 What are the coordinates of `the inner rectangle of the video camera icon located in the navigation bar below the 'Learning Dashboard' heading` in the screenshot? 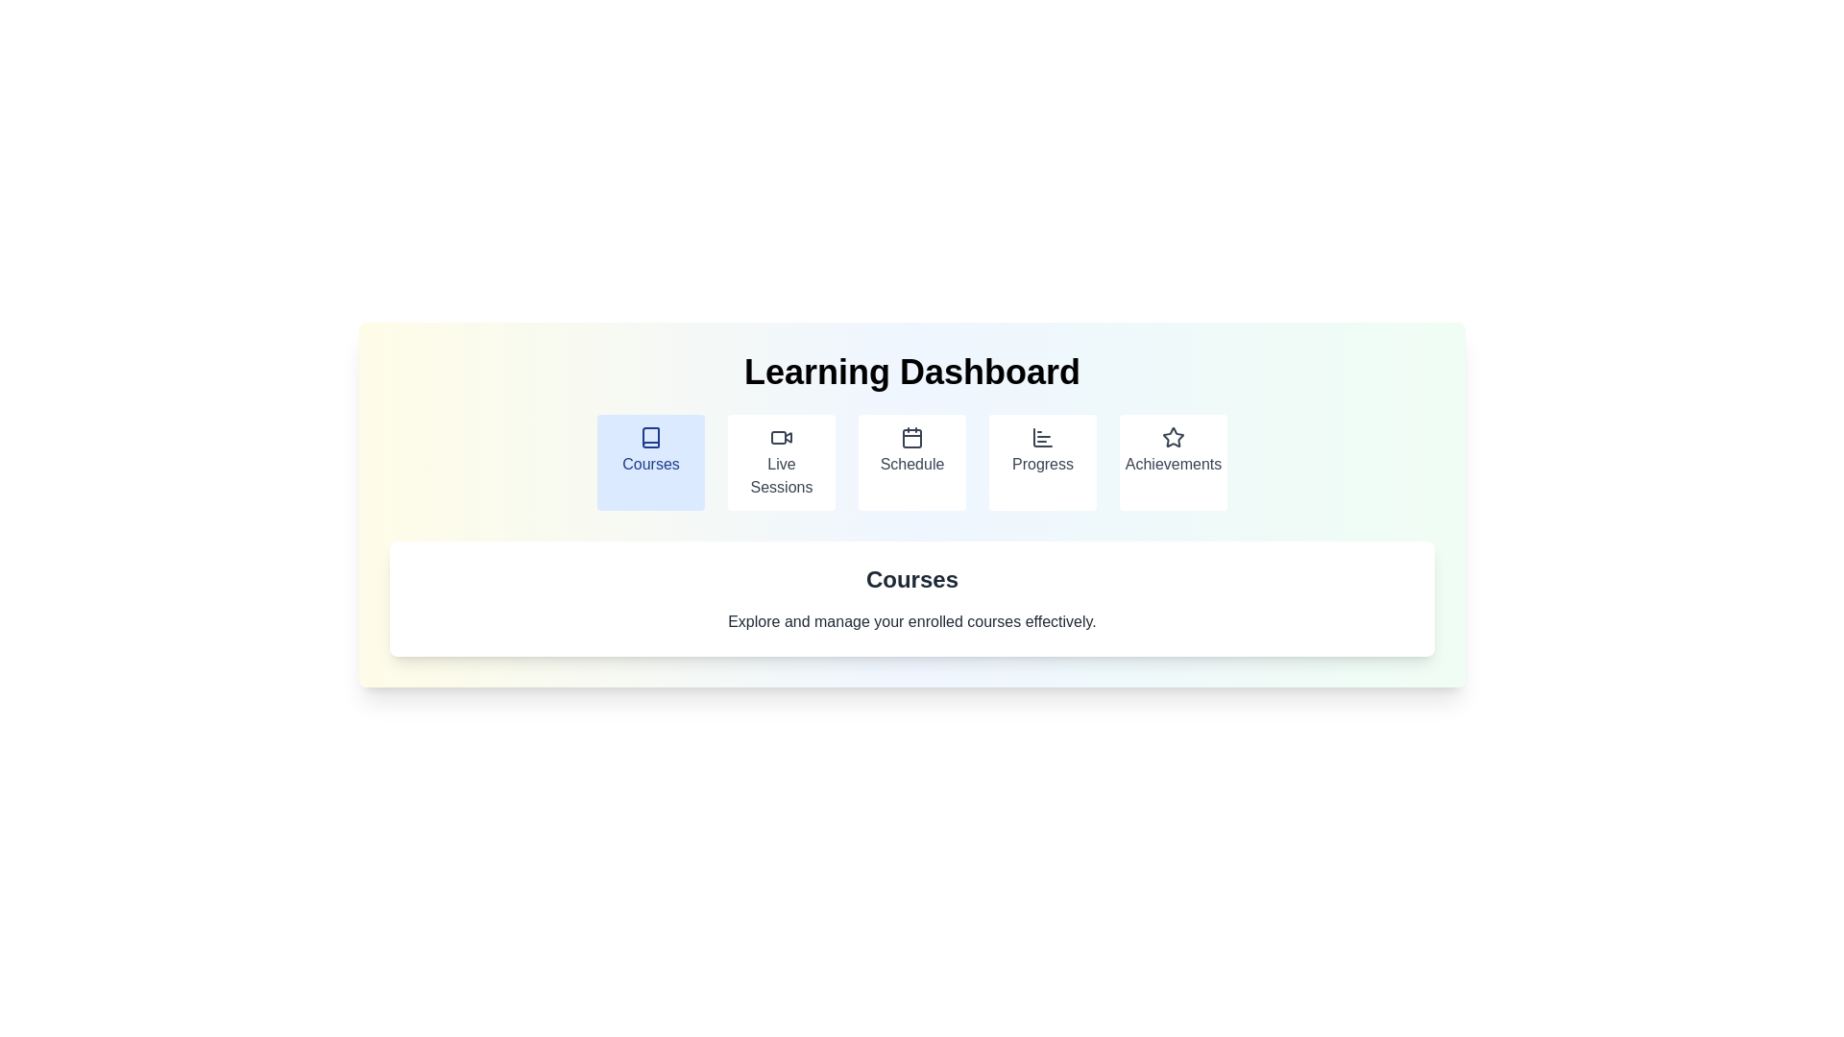 It's located at (779, 437).